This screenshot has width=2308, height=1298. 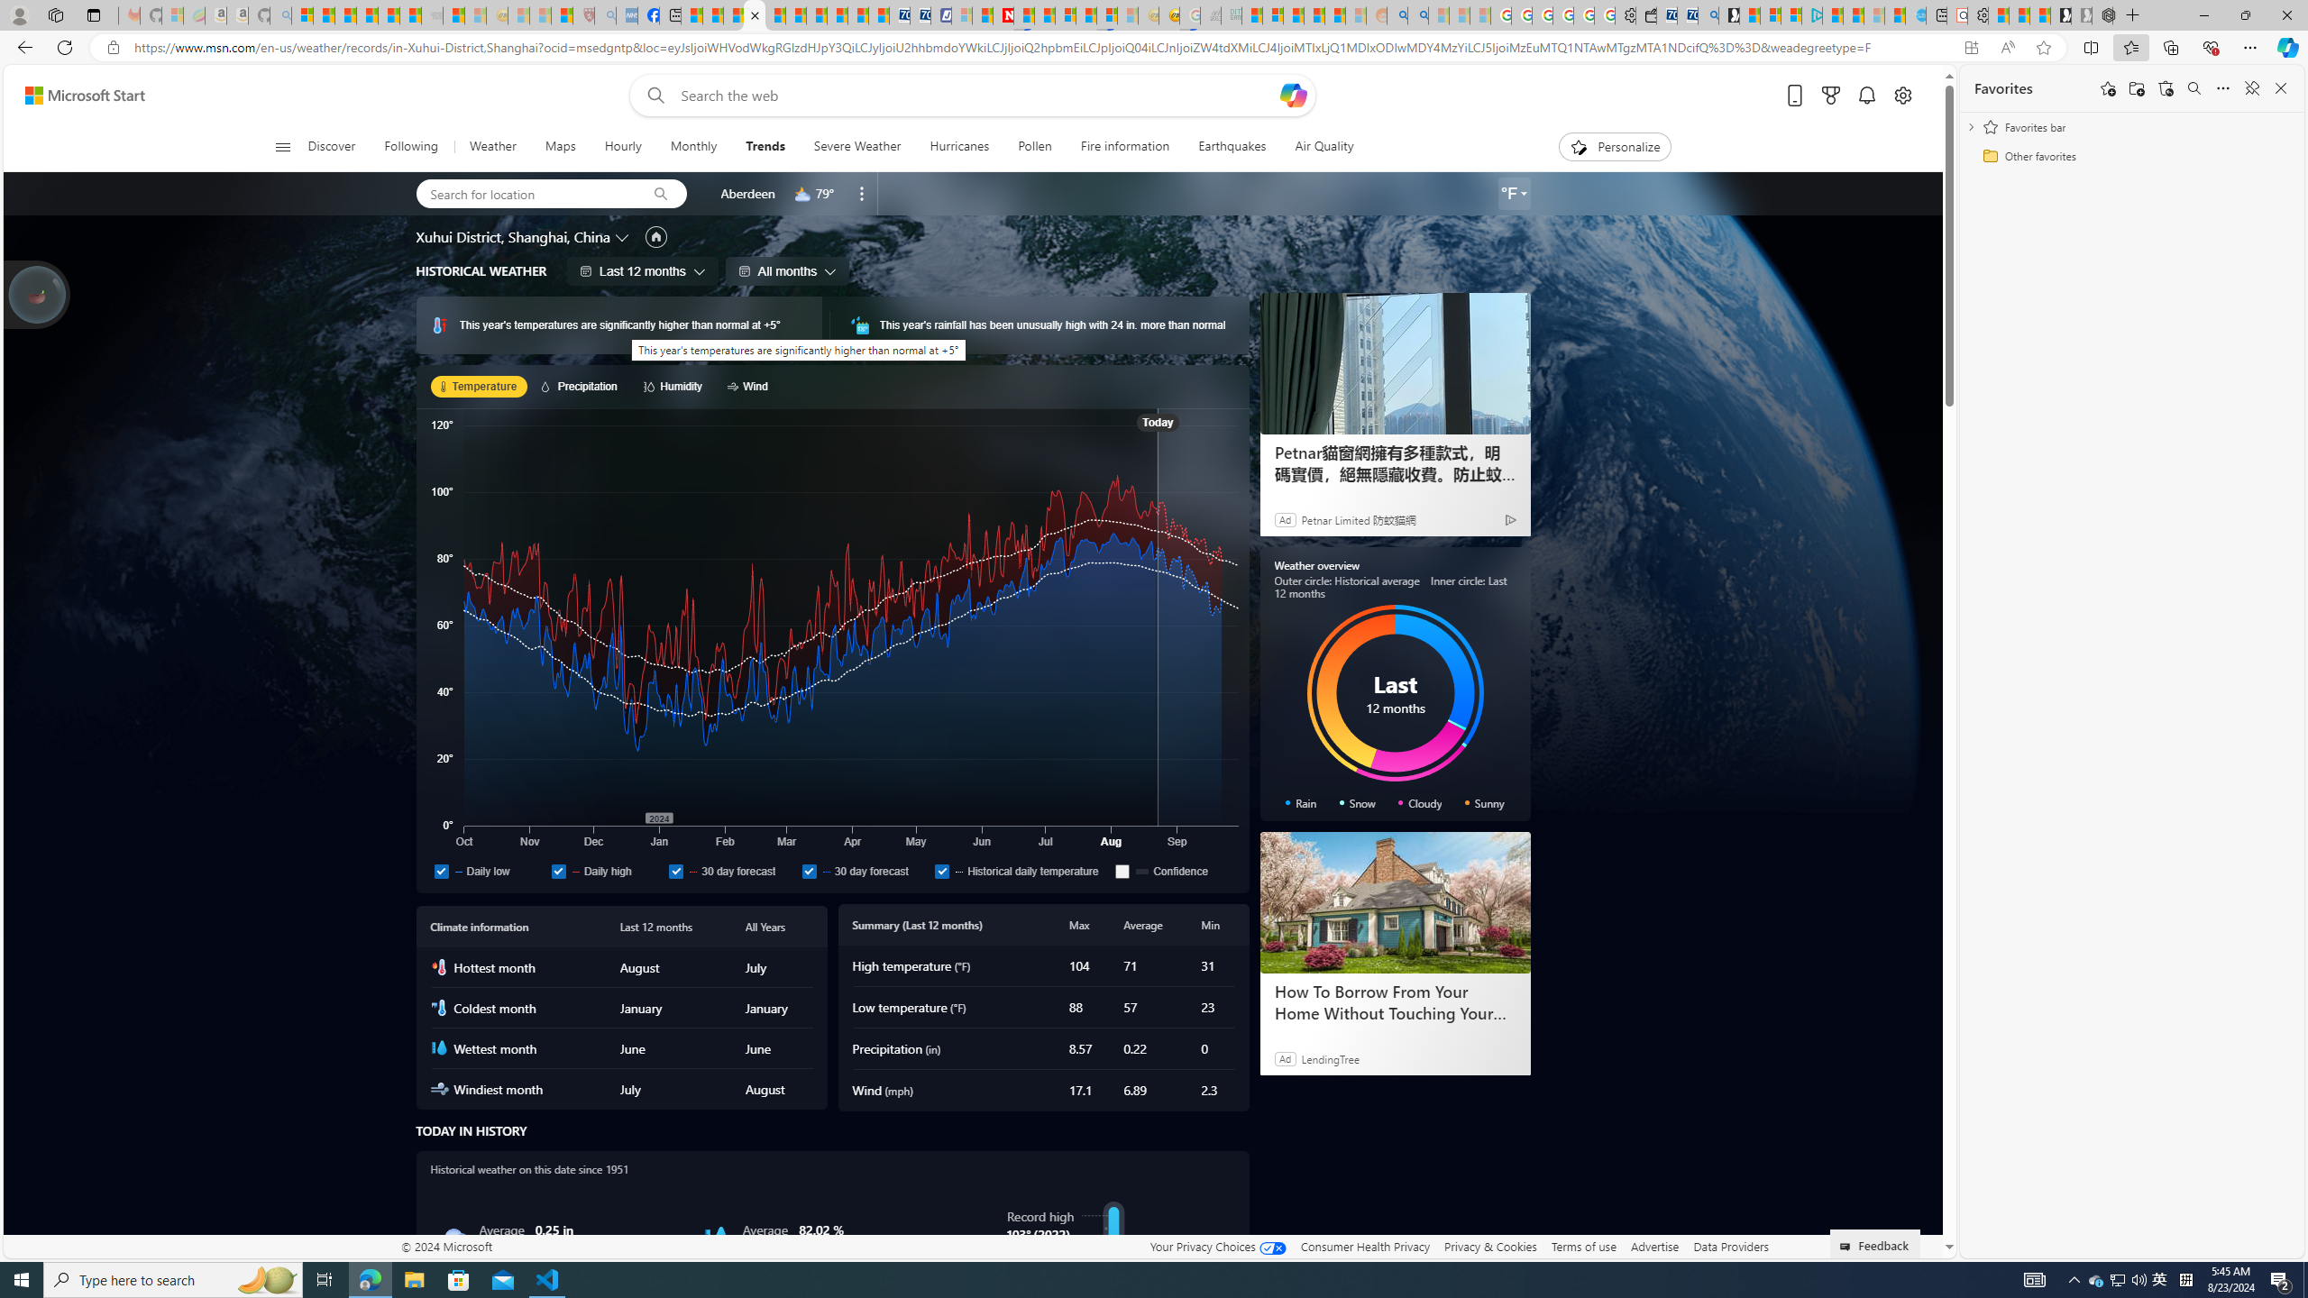 What do you see at coordinates (655, 235) in the screenshot?
I see `'Set as primary location'` at bounding box center [655, 235].